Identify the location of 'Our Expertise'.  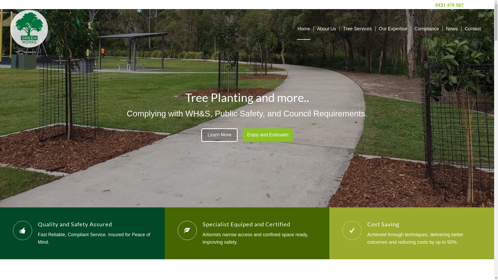
(393, 29).